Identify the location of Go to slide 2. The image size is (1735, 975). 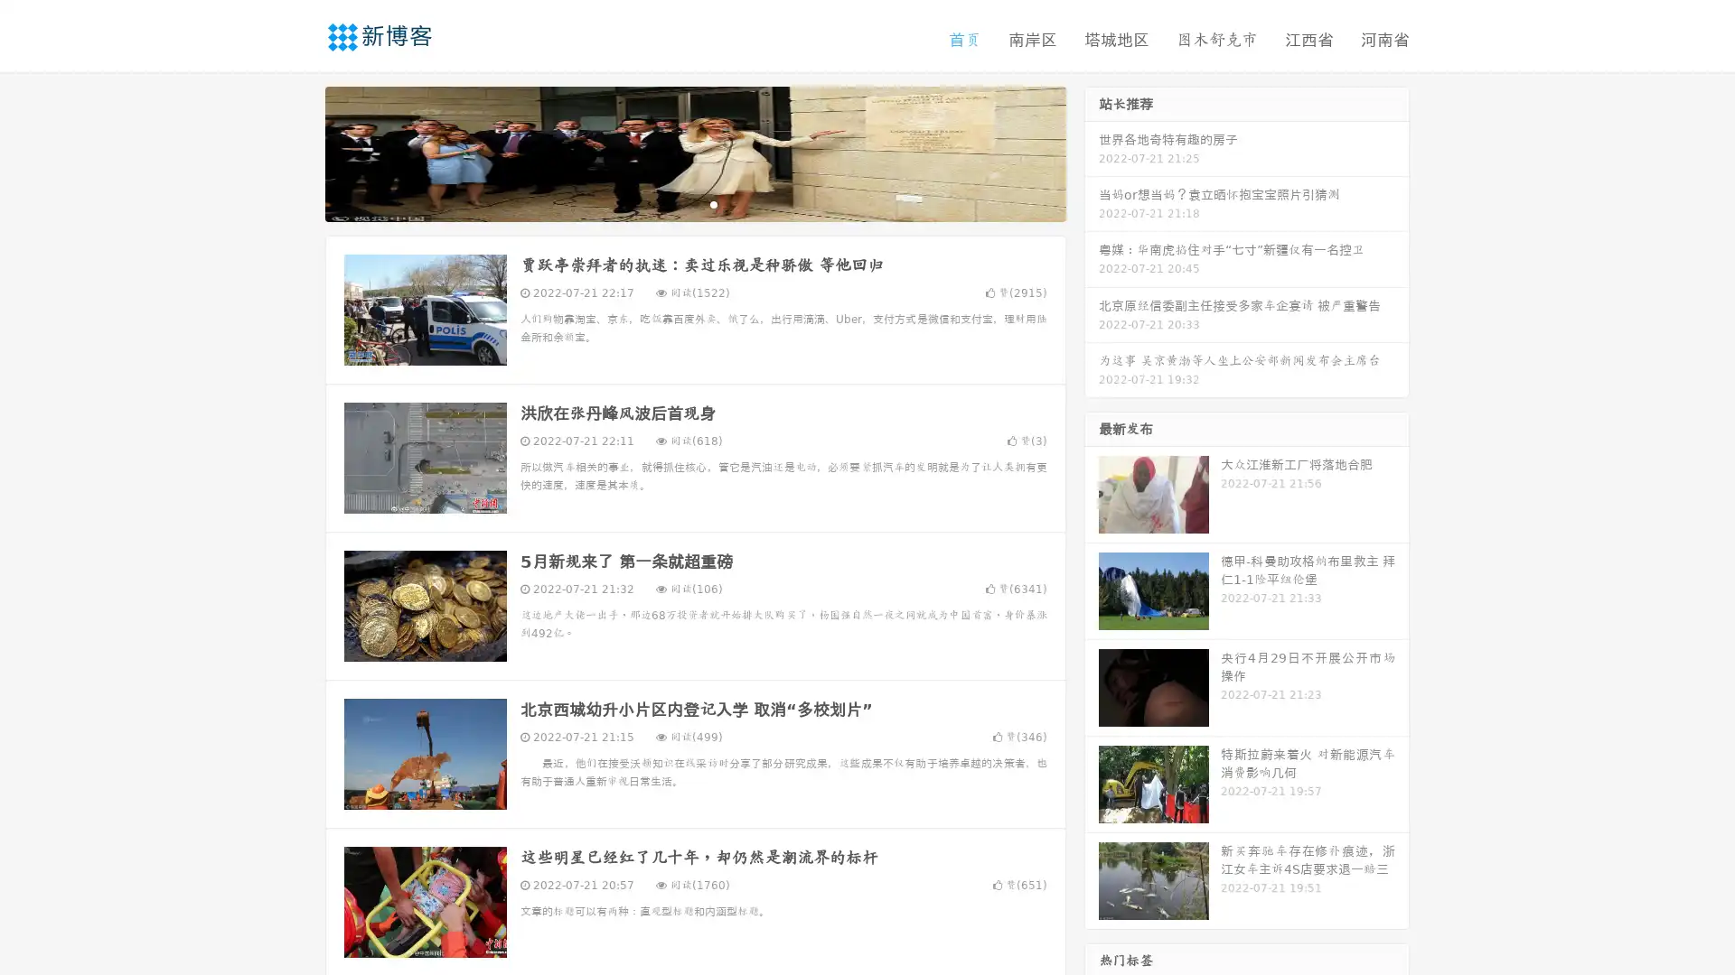
(694, 203).